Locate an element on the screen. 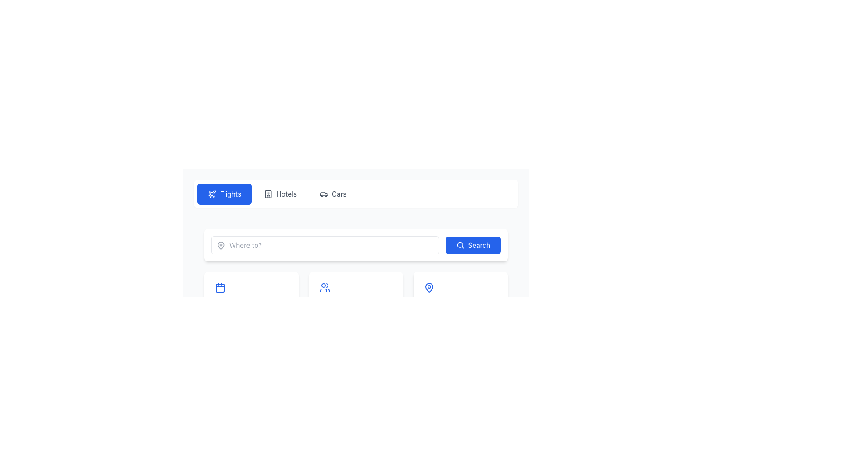 The image size is (842, 473). the 'Hotels' button, which is a rounded rectangular button with a building icon and light-gray text, to trigger its hover effect is located at coordinates (280, 194).